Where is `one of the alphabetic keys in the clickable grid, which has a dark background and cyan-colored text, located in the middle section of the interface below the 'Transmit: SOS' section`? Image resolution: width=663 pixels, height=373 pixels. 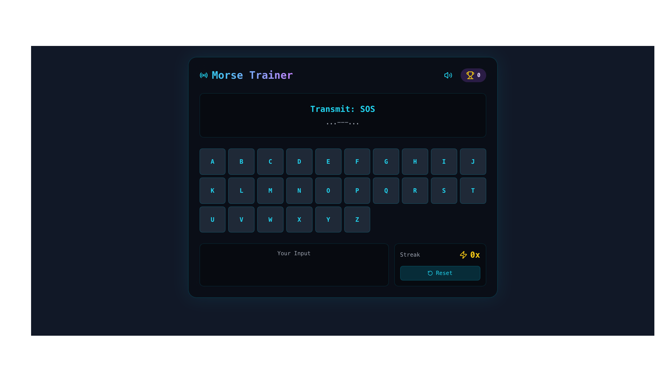
one of the alphabetic keys in the clickable grid, which has a dark background and cyan-colored text, located in the middle section of the interface below the 'Transmit: SOS' section is located at coordinates (343, 190).